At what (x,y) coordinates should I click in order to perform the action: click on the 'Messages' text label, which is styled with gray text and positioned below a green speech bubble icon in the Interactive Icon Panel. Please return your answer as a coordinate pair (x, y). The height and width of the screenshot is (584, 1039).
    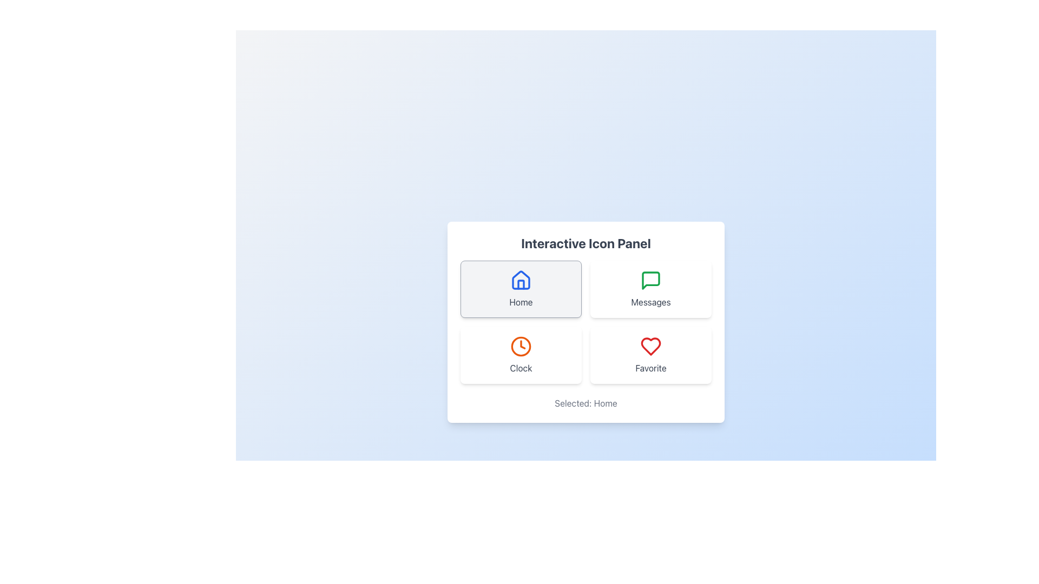
    Looking at the image, I should click on (650, 302).